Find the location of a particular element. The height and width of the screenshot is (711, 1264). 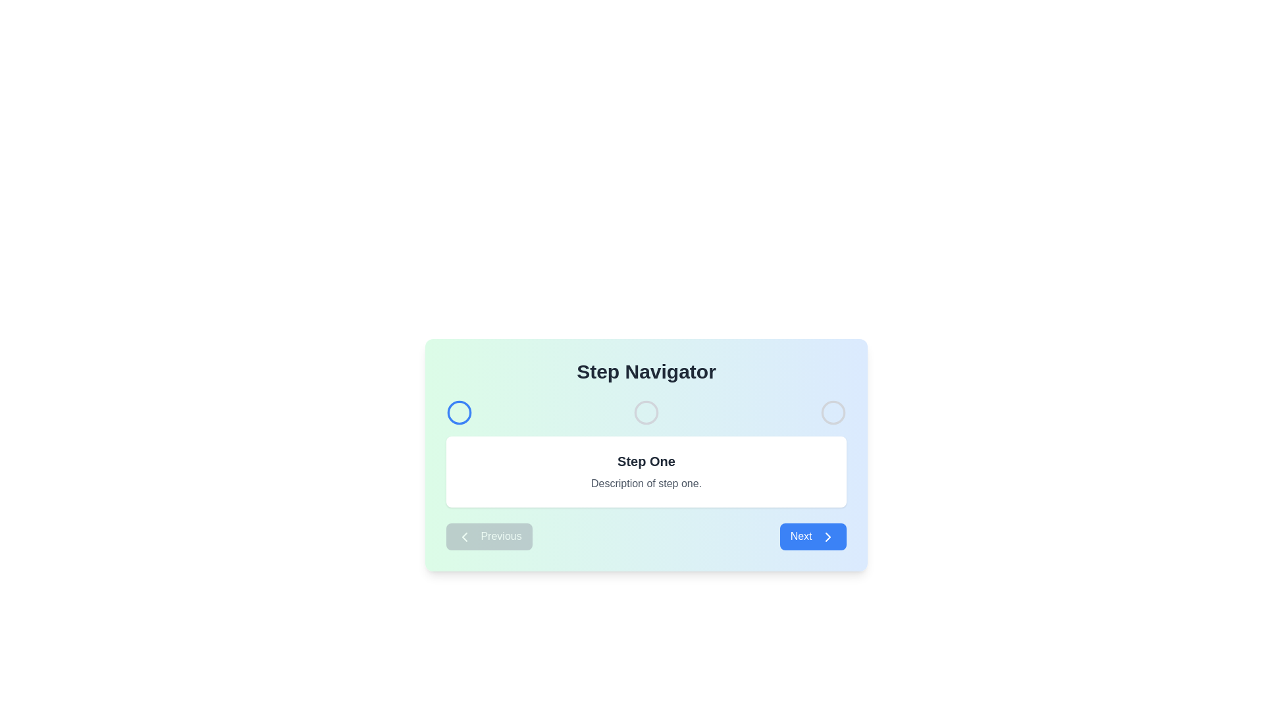

the central Circle Shape that indicates the current step in the Step Navigator interface is located at coordinates (646, 412).